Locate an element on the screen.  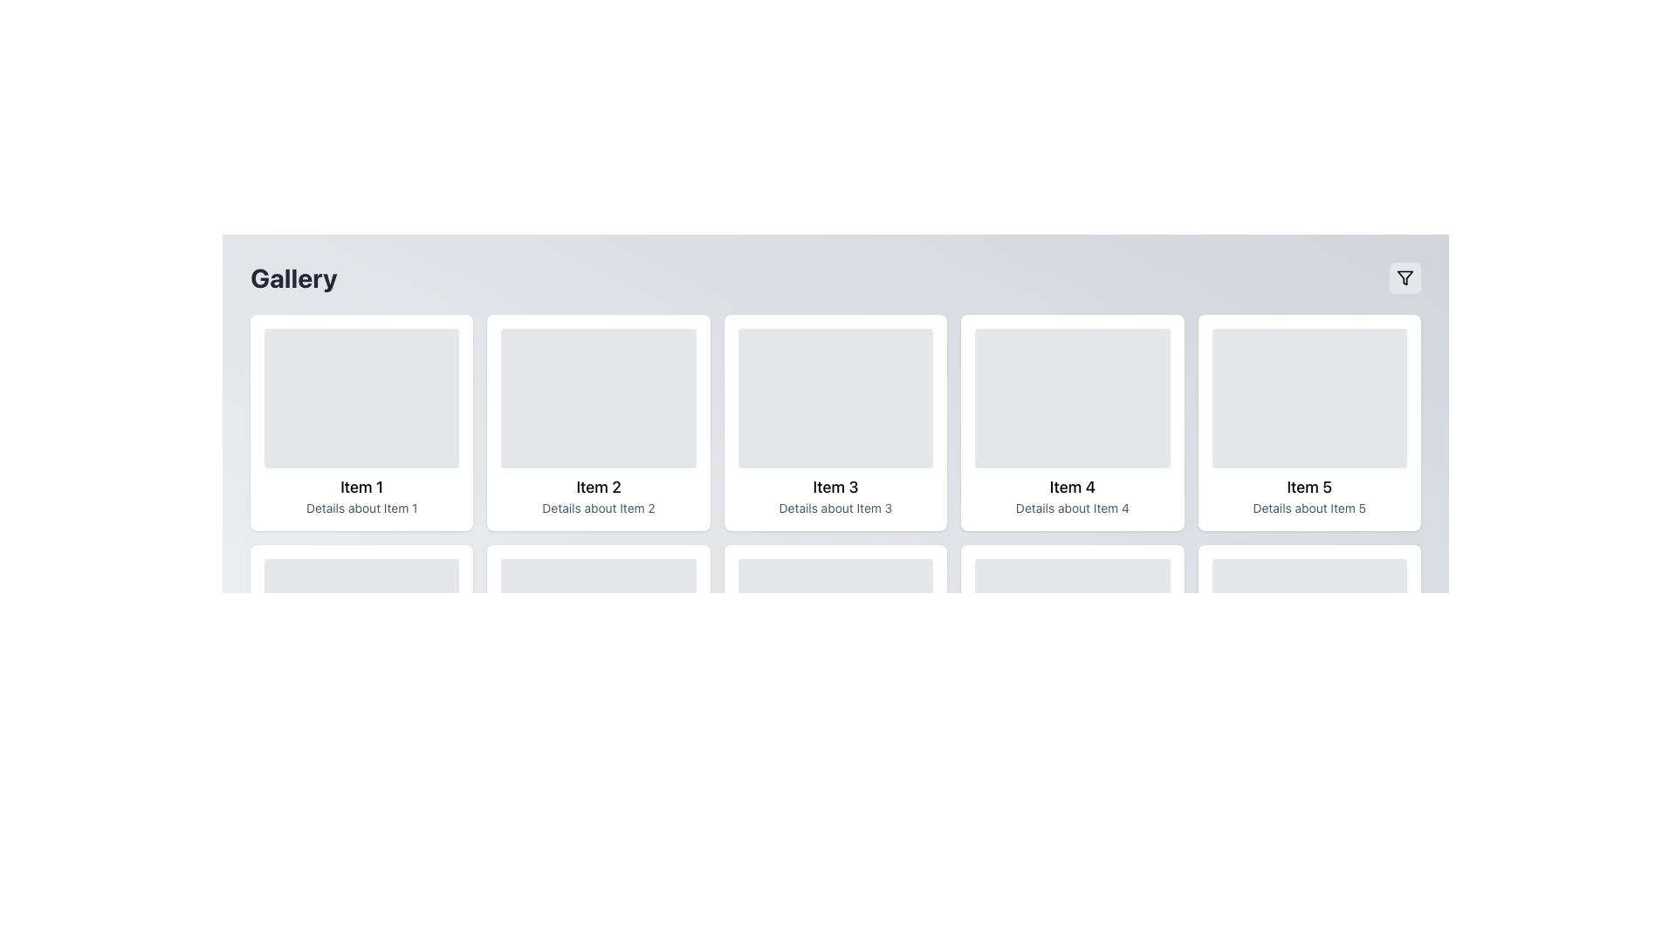
the second text label in the gallery that provides a reference name for the associated item, positioned above the smaller text label 'Details about Item 2' is located at coordinates (599, 488).